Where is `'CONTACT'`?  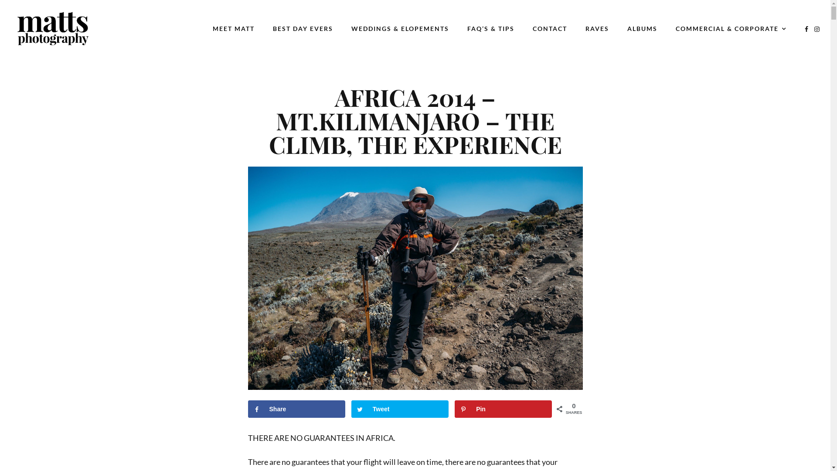
'CONTACT' is located at coordinates (549, 28).